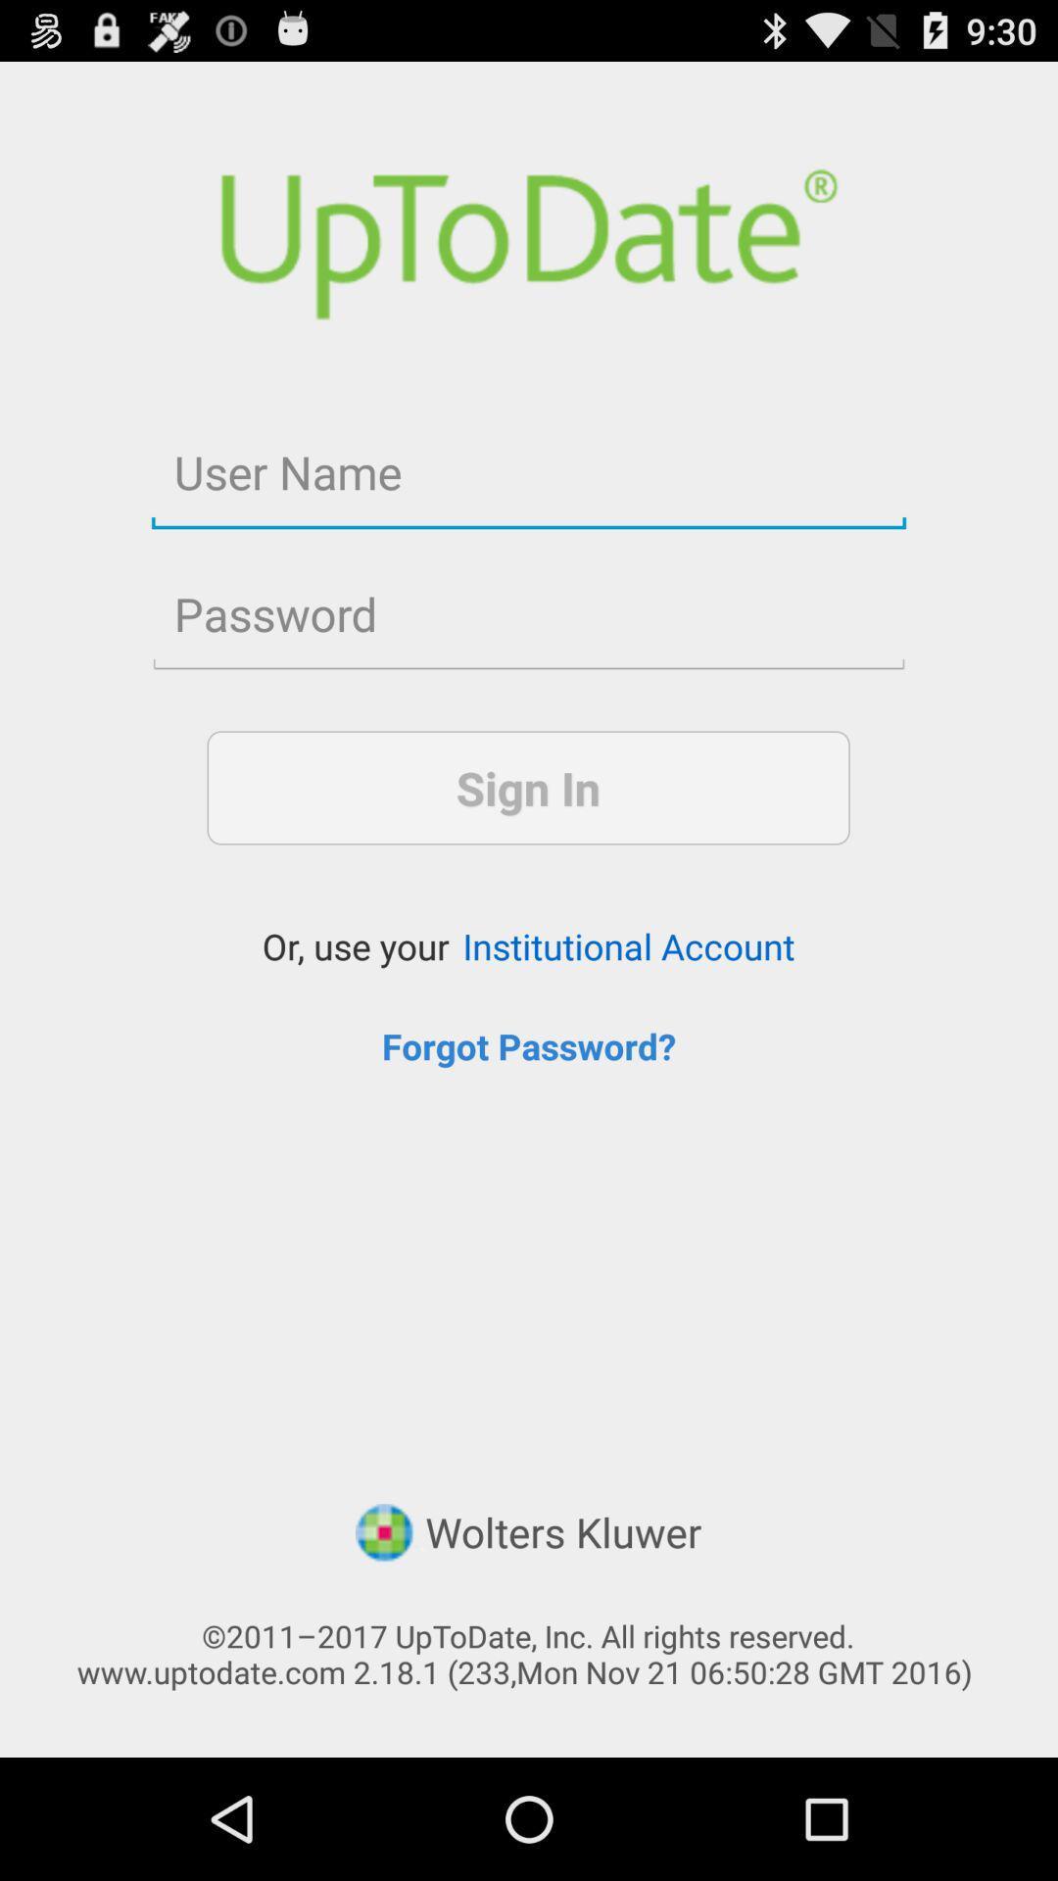 The width and height of the screenshot is (1058, 1881). What do you see at coordinates (529, 1045) in the screenshot?
I see `item above the wolters kluwer item` at bounding box center [529, 1045].